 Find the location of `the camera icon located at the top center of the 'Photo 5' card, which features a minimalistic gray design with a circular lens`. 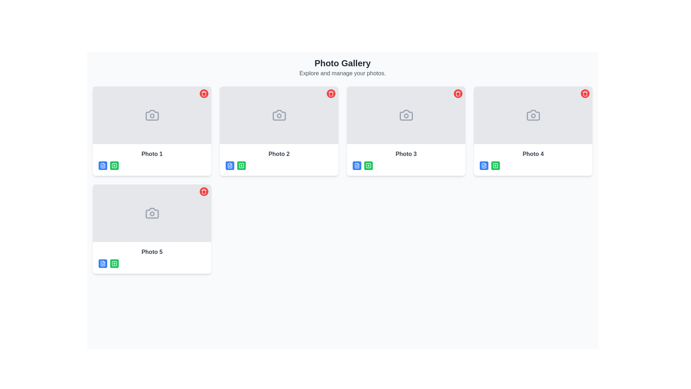

the camera icon located at the top center of the 'Photo 5' card, which features a minimalistic gray design with a circular lens is located at coordinates (152, 213).